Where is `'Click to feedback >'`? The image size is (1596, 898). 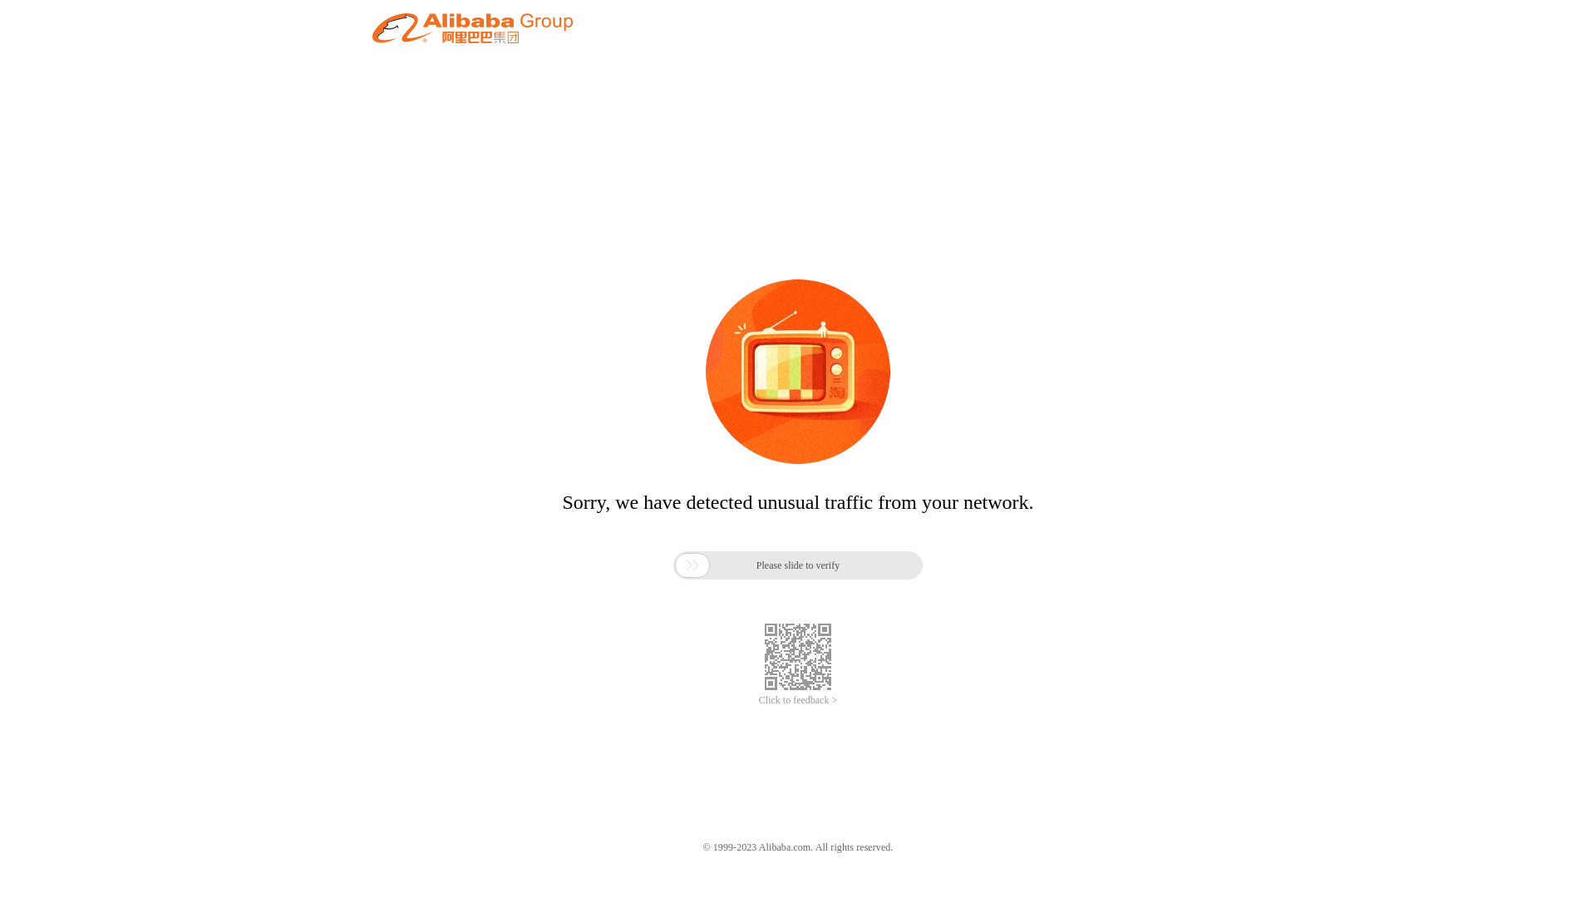 'Click to feedback >' is located at coordinates (757, 700).